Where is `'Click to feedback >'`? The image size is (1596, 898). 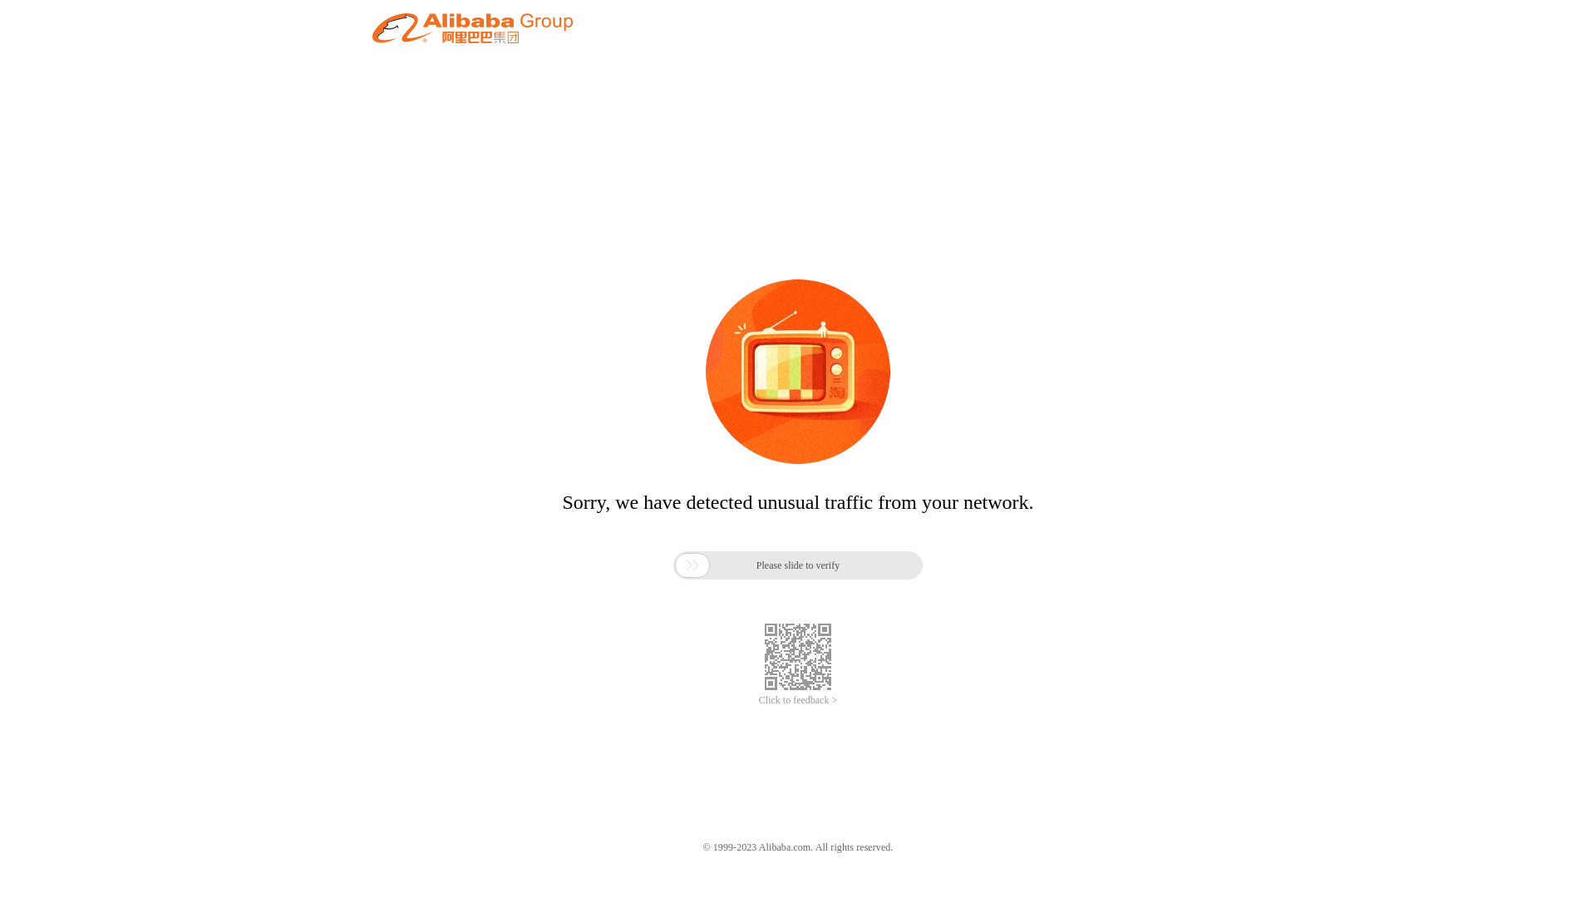 'Click to feedback >' is located at coordinates (757, 700).